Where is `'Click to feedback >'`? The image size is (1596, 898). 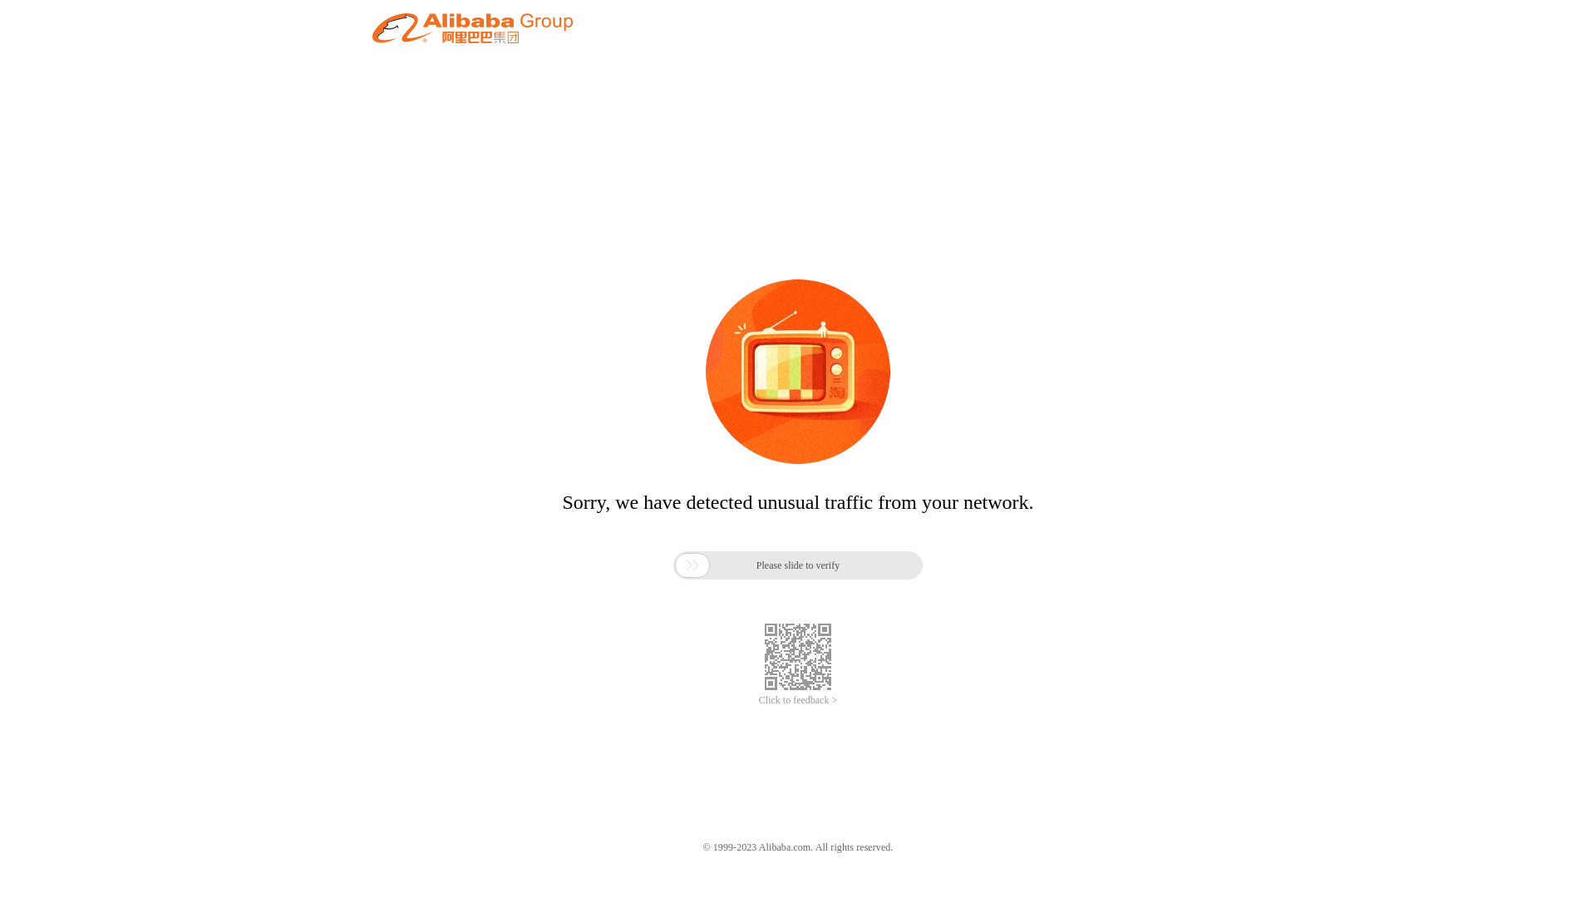 'Click to feedback >' is located at coordinates (757, 700).